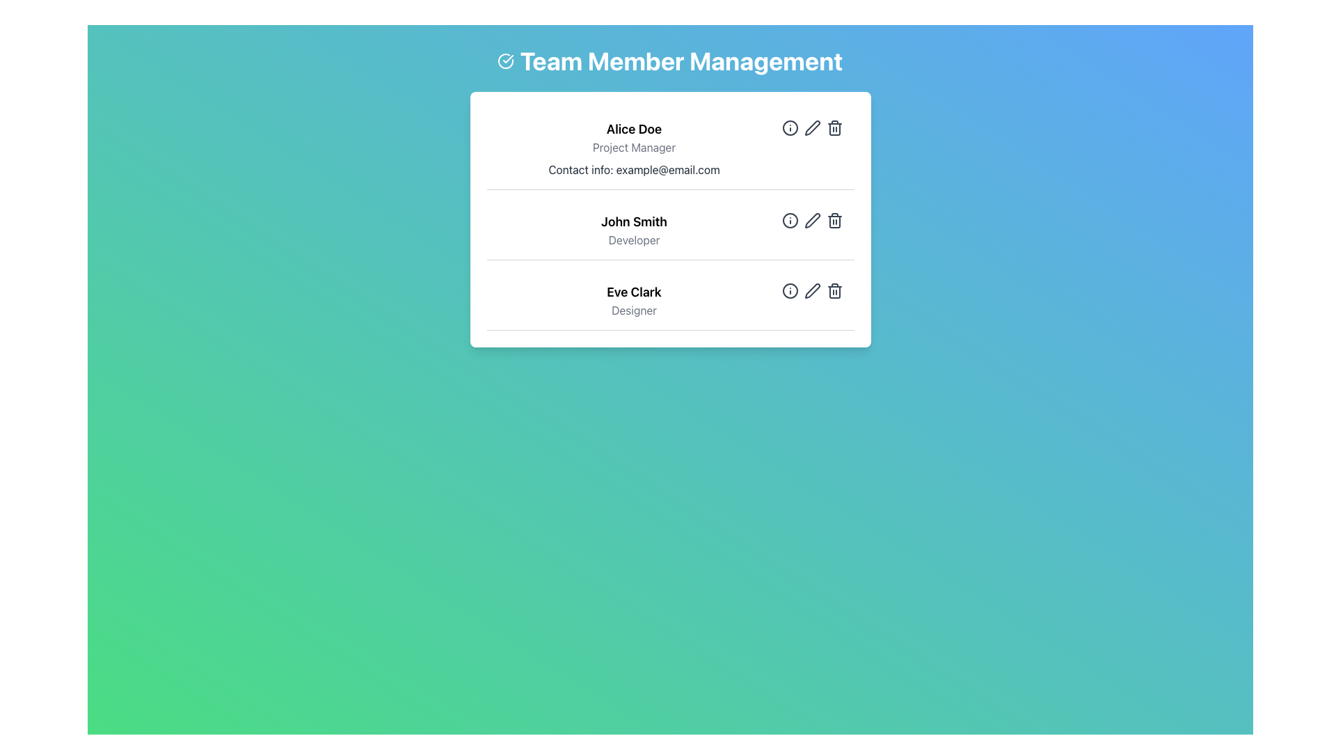 The width and height of the screenshot is (1336, 752). I want to click on the trash bin icon button, which is the third button on the right in the row of actions for 'John Smith', so click(834, 219).